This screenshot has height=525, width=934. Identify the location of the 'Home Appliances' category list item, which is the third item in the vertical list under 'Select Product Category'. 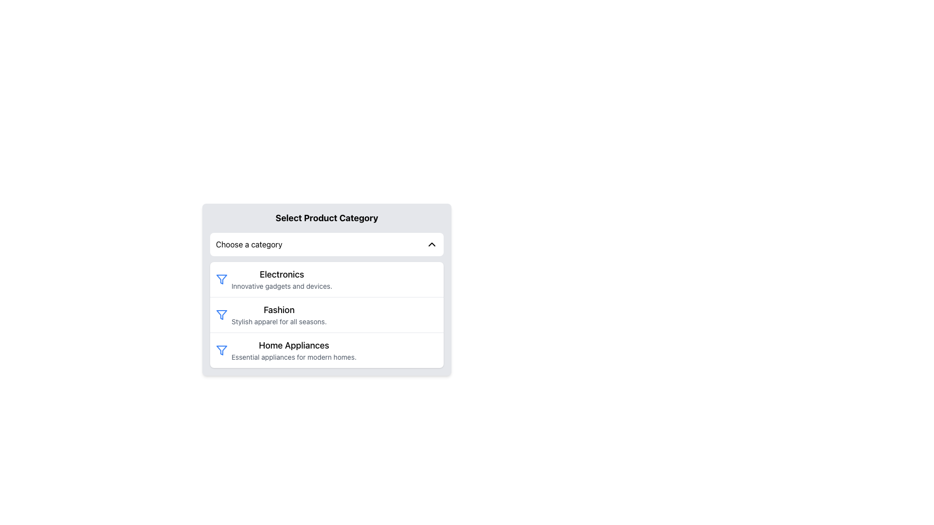
(327, 350).